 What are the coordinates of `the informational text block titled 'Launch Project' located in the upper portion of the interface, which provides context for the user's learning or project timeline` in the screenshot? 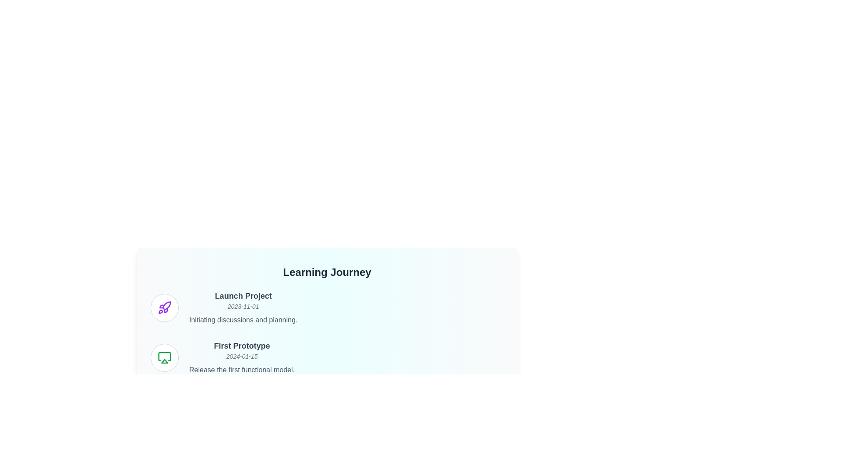 It's located at (243, 307).